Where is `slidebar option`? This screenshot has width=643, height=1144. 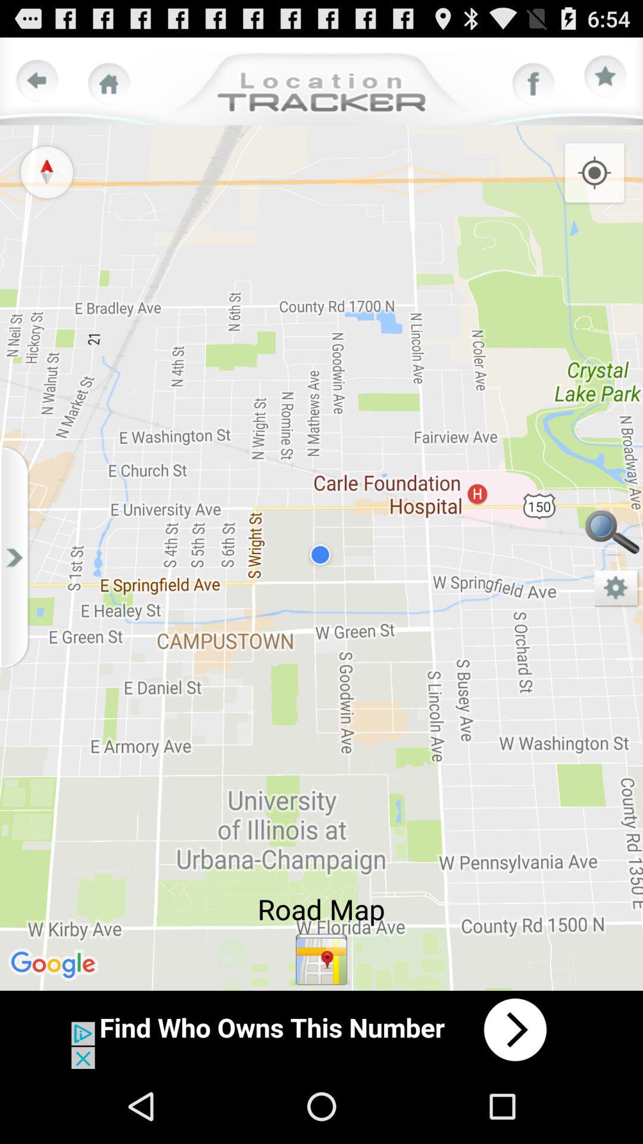 slidebar option is located at coordinates (18, 557).